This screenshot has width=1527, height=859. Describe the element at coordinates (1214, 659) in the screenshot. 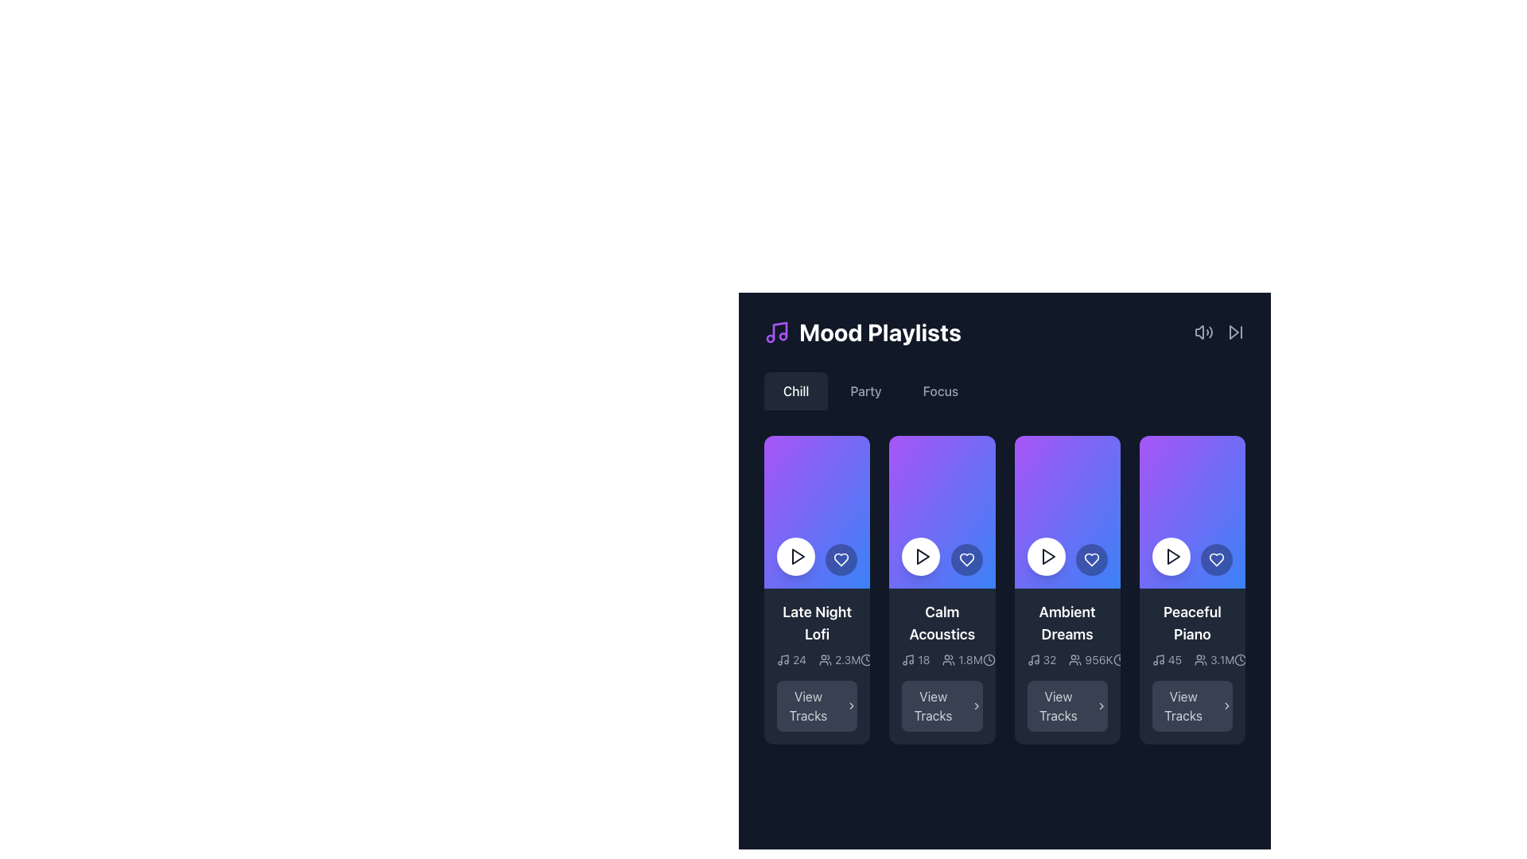

I see `text value displayed above the 'View Tracks' button in the fourth card of the playlist grid, specifically the second item in the list of metadata indicators` at that location.